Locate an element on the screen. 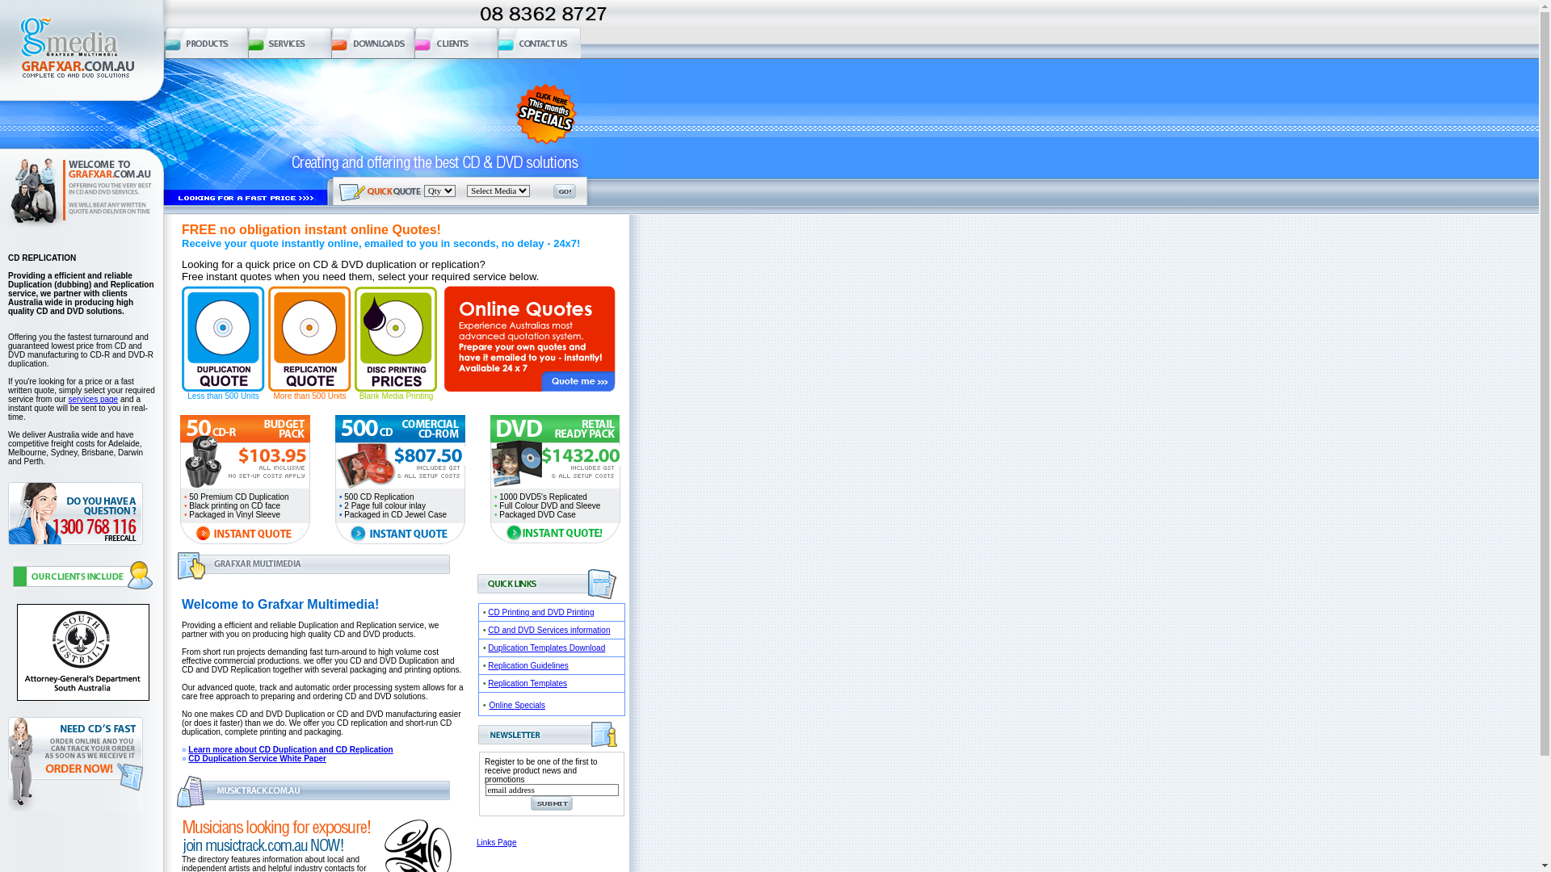  'Replication Guidelines' is located at coordinates (528, 665).